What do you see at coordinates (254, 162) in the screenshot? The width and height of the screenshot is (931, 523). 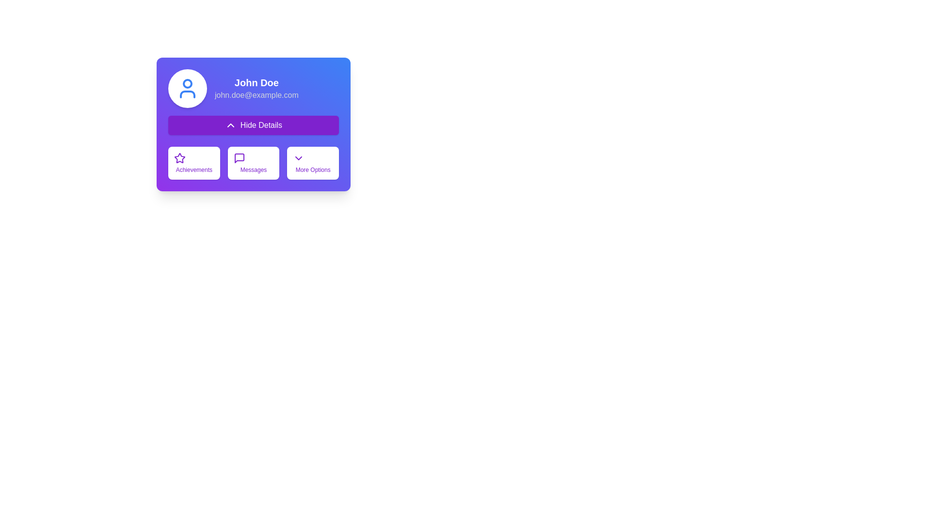 I see `the 'Messages' button` at bounding box center [254, 162].